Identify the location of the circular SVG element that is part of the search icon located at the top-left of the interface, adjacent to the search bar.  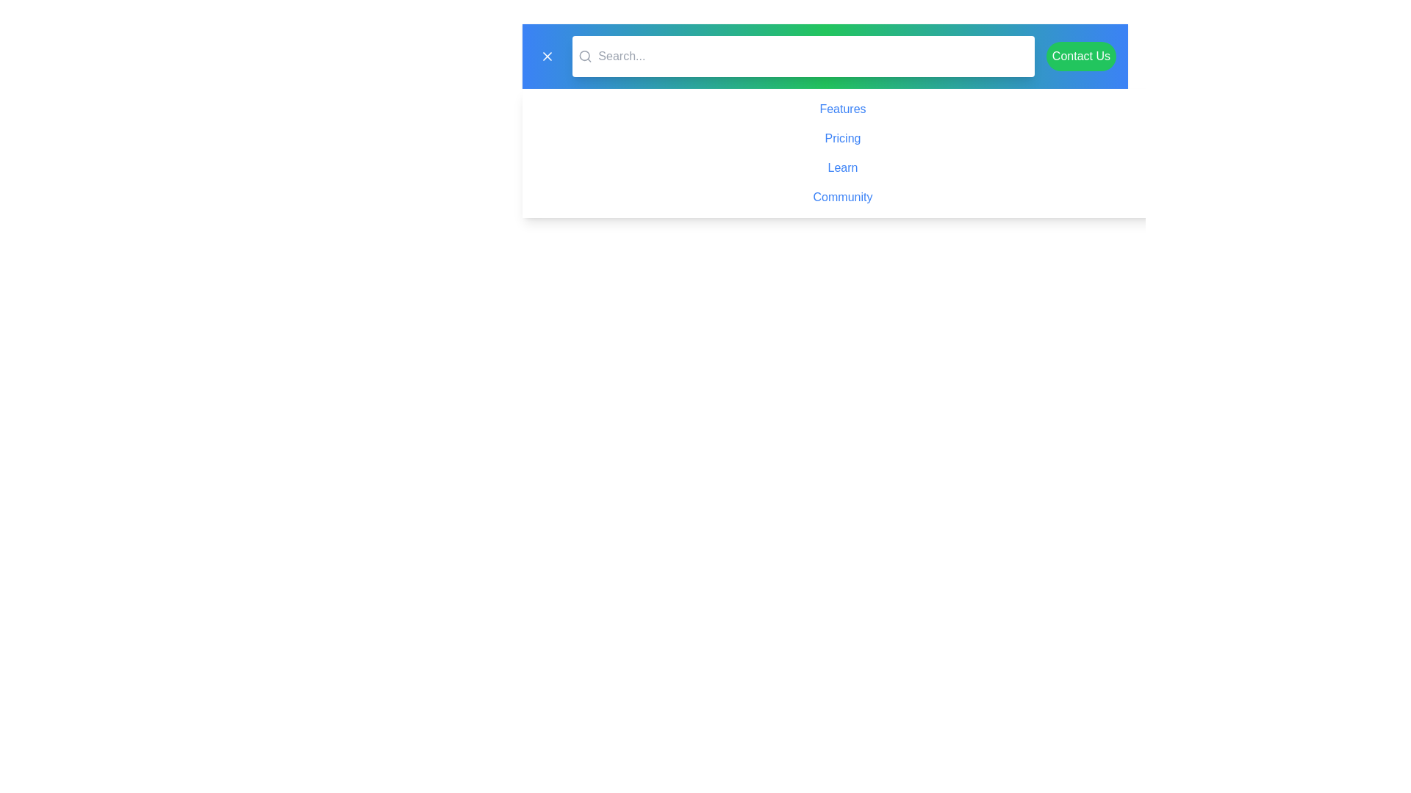
(584, 55).